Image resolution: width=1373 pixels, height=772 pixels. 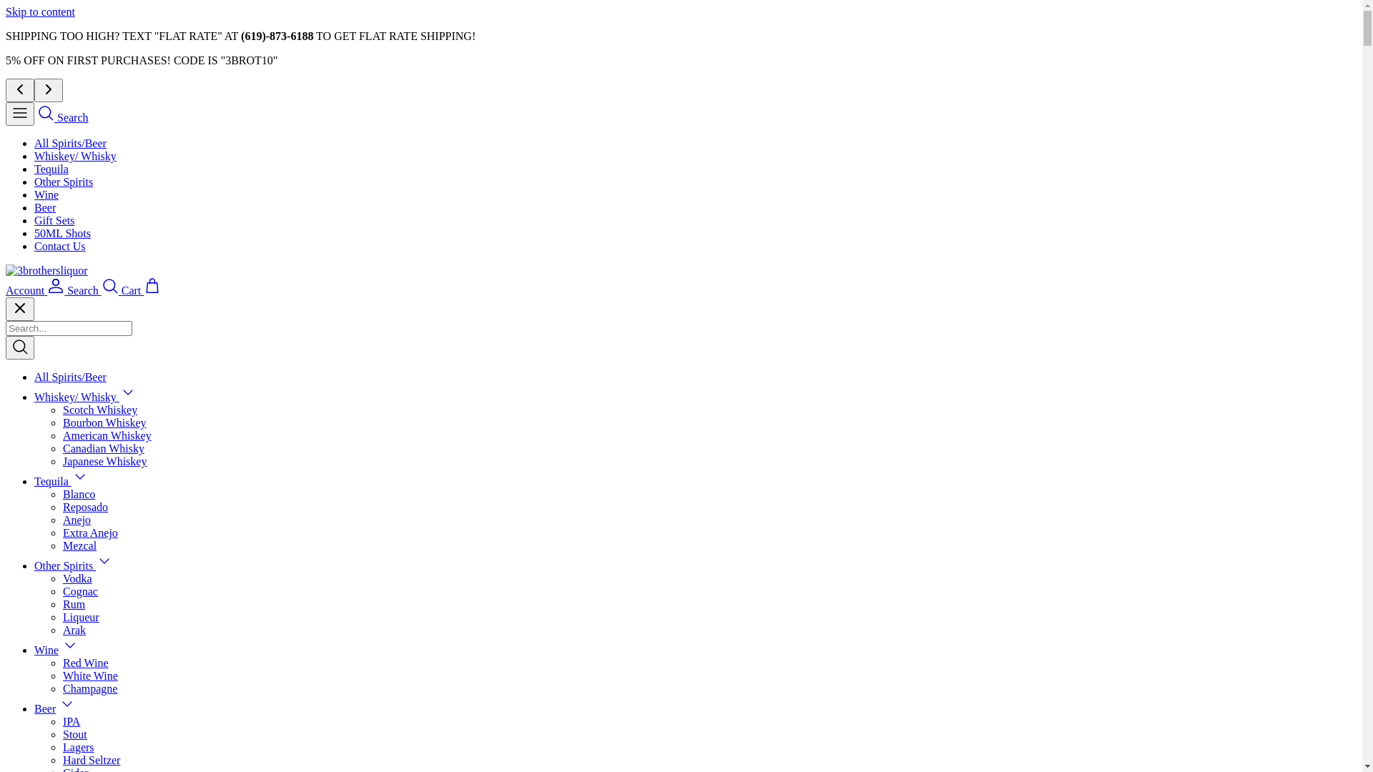 I want to click on 'Stout', so click(x=74, y=734).